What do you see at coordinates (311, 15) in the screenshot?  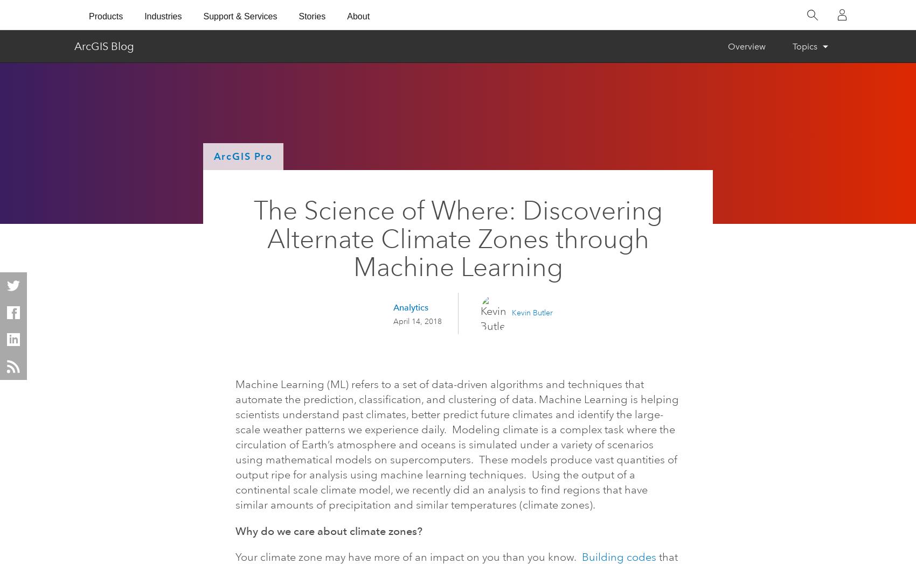 I see `'Stories'` at bounding box center [311, 15].